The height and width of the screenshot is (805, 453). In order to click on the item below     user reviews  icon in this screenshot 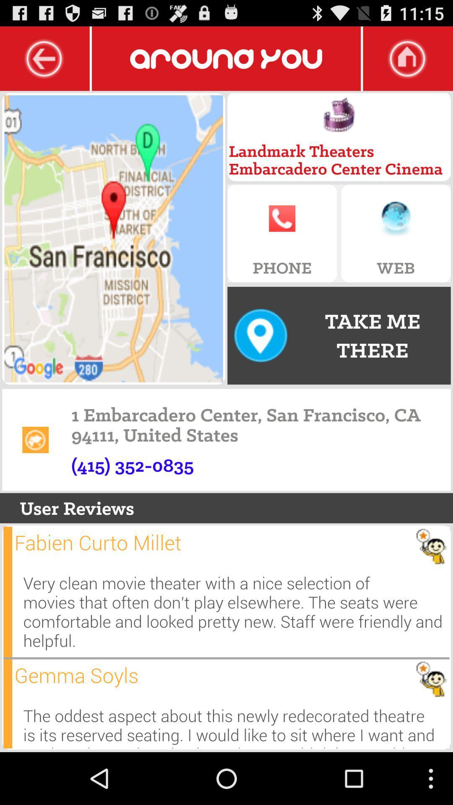, I will do `click(97, 542)`.